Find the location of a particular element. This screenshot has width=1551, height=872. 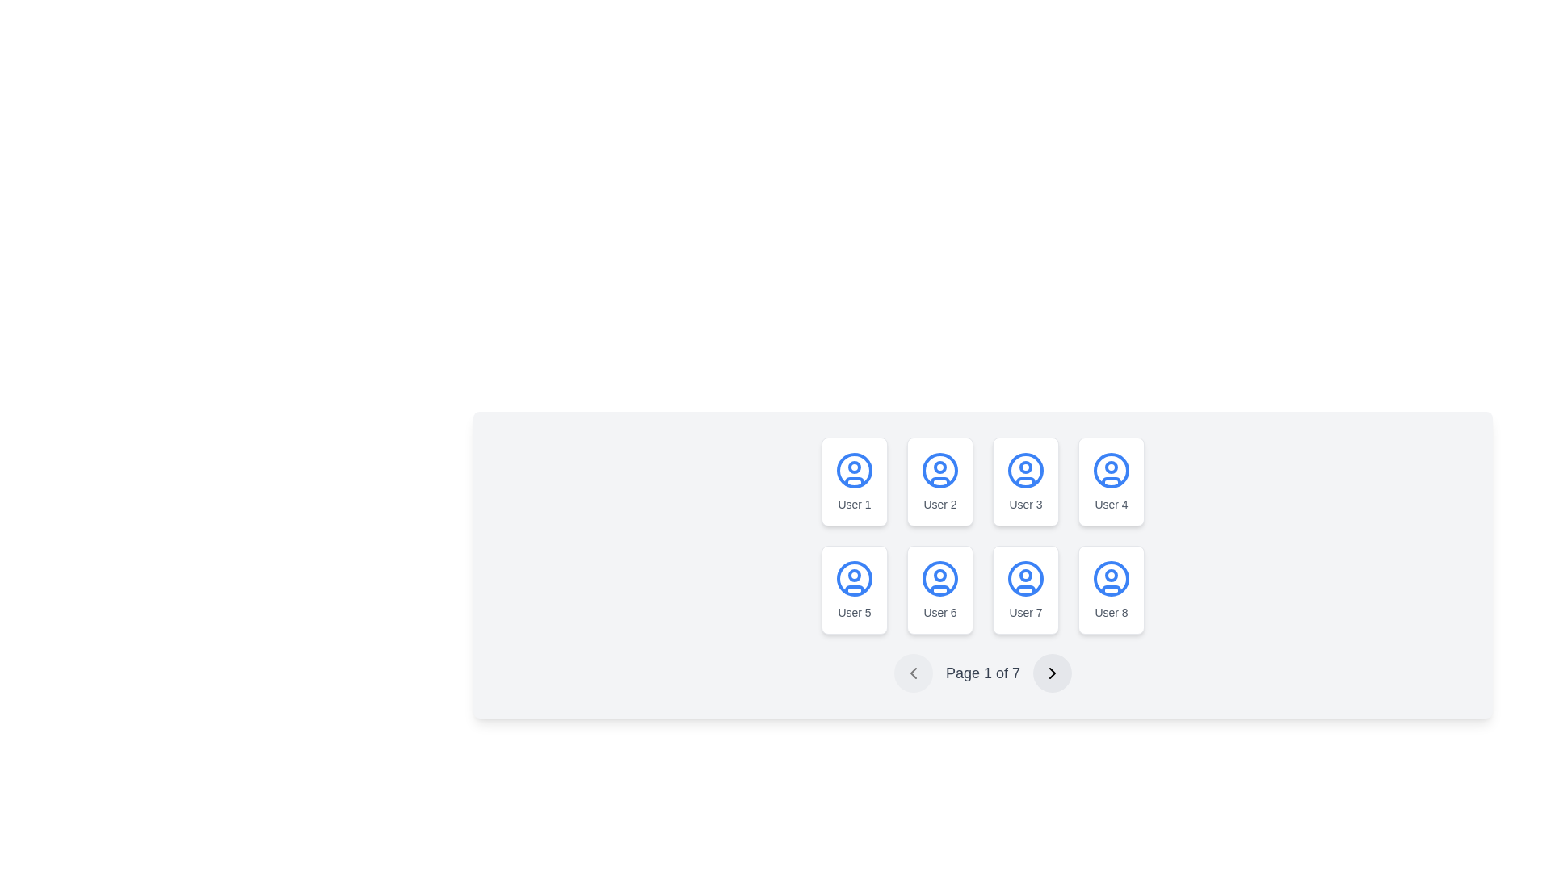

the outermost circle of the user profile icon, which is the second item in the top row of the user icons grid is located at coordinates (939, 470).